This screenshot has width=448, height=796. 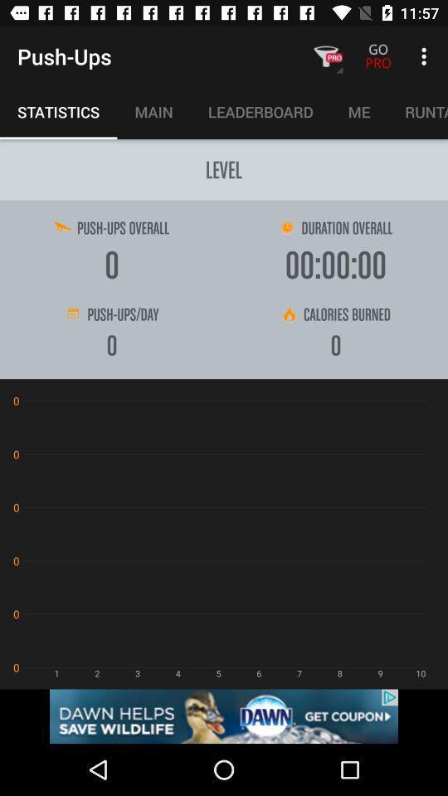 What do you see at coordinates (153, 110) in the screenshot?
I see `main on the right side of statistics` at bounding box center [153, 110].